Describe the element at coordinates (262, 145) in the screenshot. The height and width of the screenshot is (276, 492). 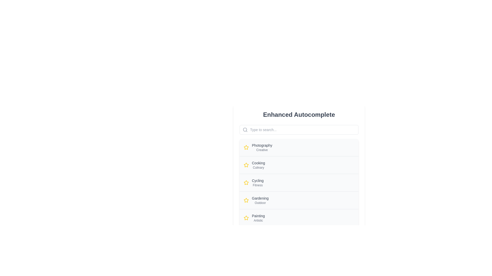
I see `the non-interactive text label that indicates a category or topic, located above the 'Creative' text element and adjacent to a star icon` at that location.